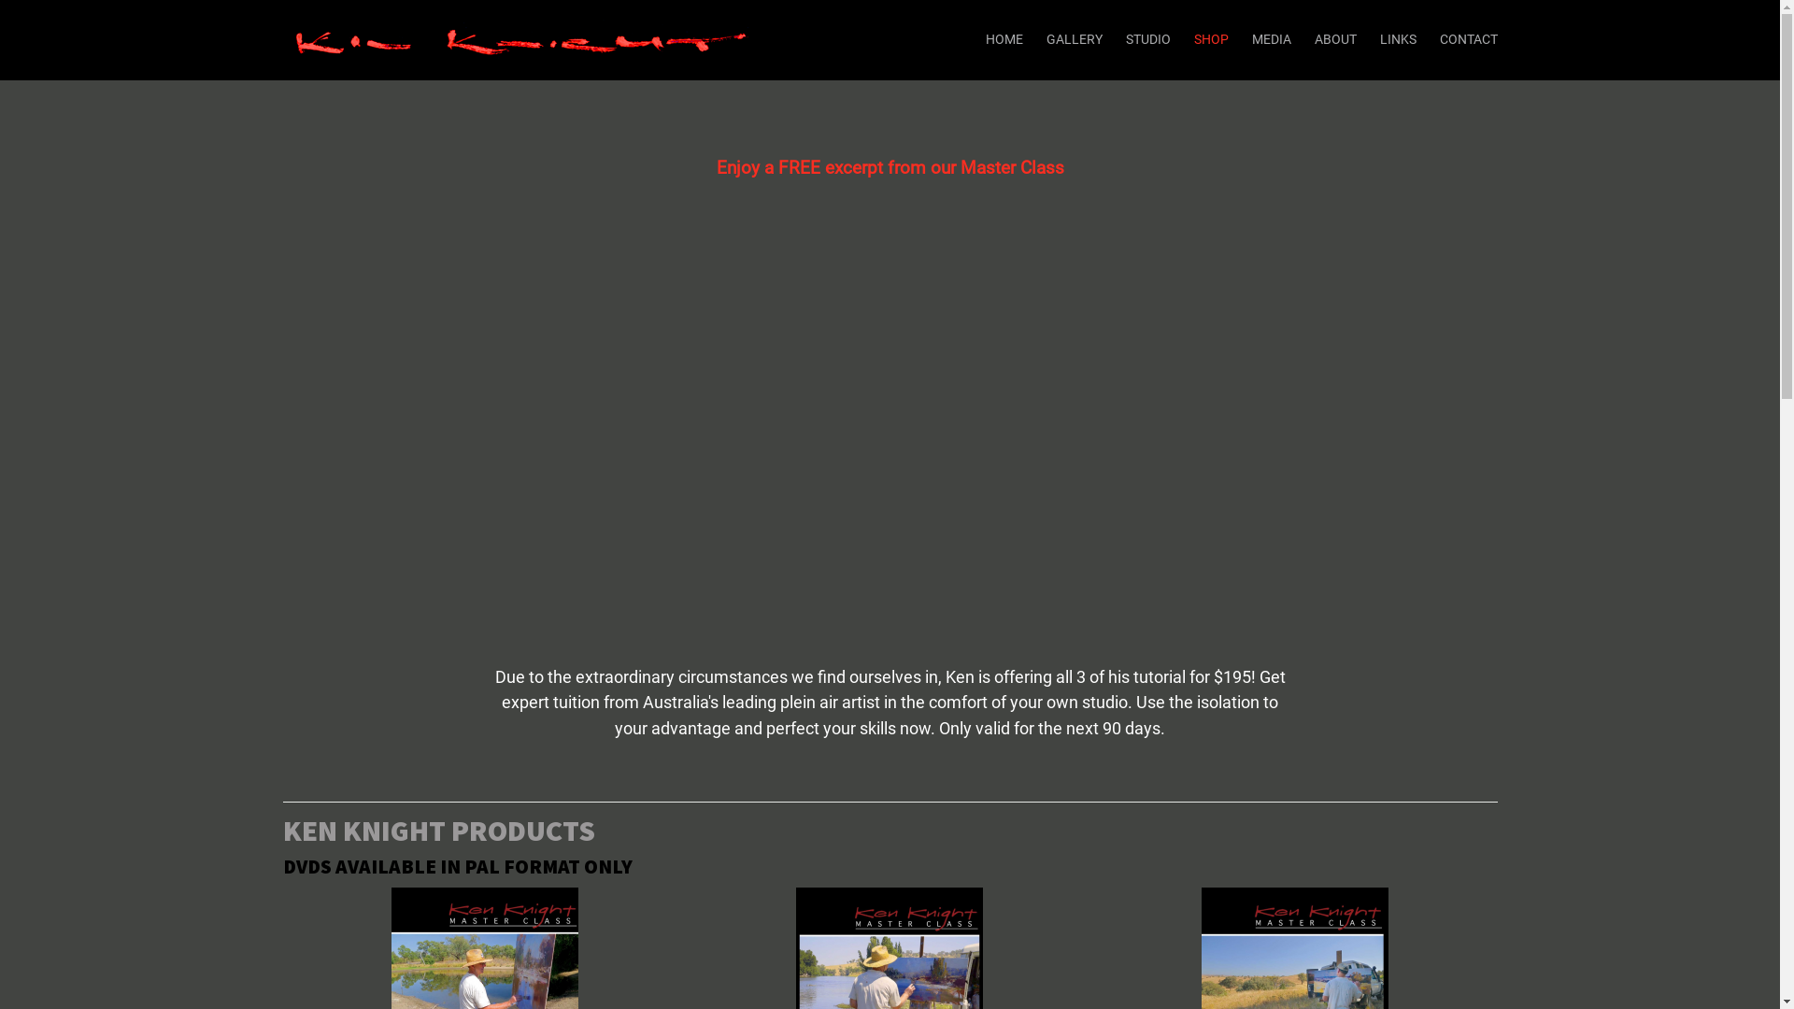 The height and width of the screenshot is (1009, 1794). What do you see at coordinates (1397, 39) in the screenshot?
I see `'LINKS'` at bounding box center [1397, 39].